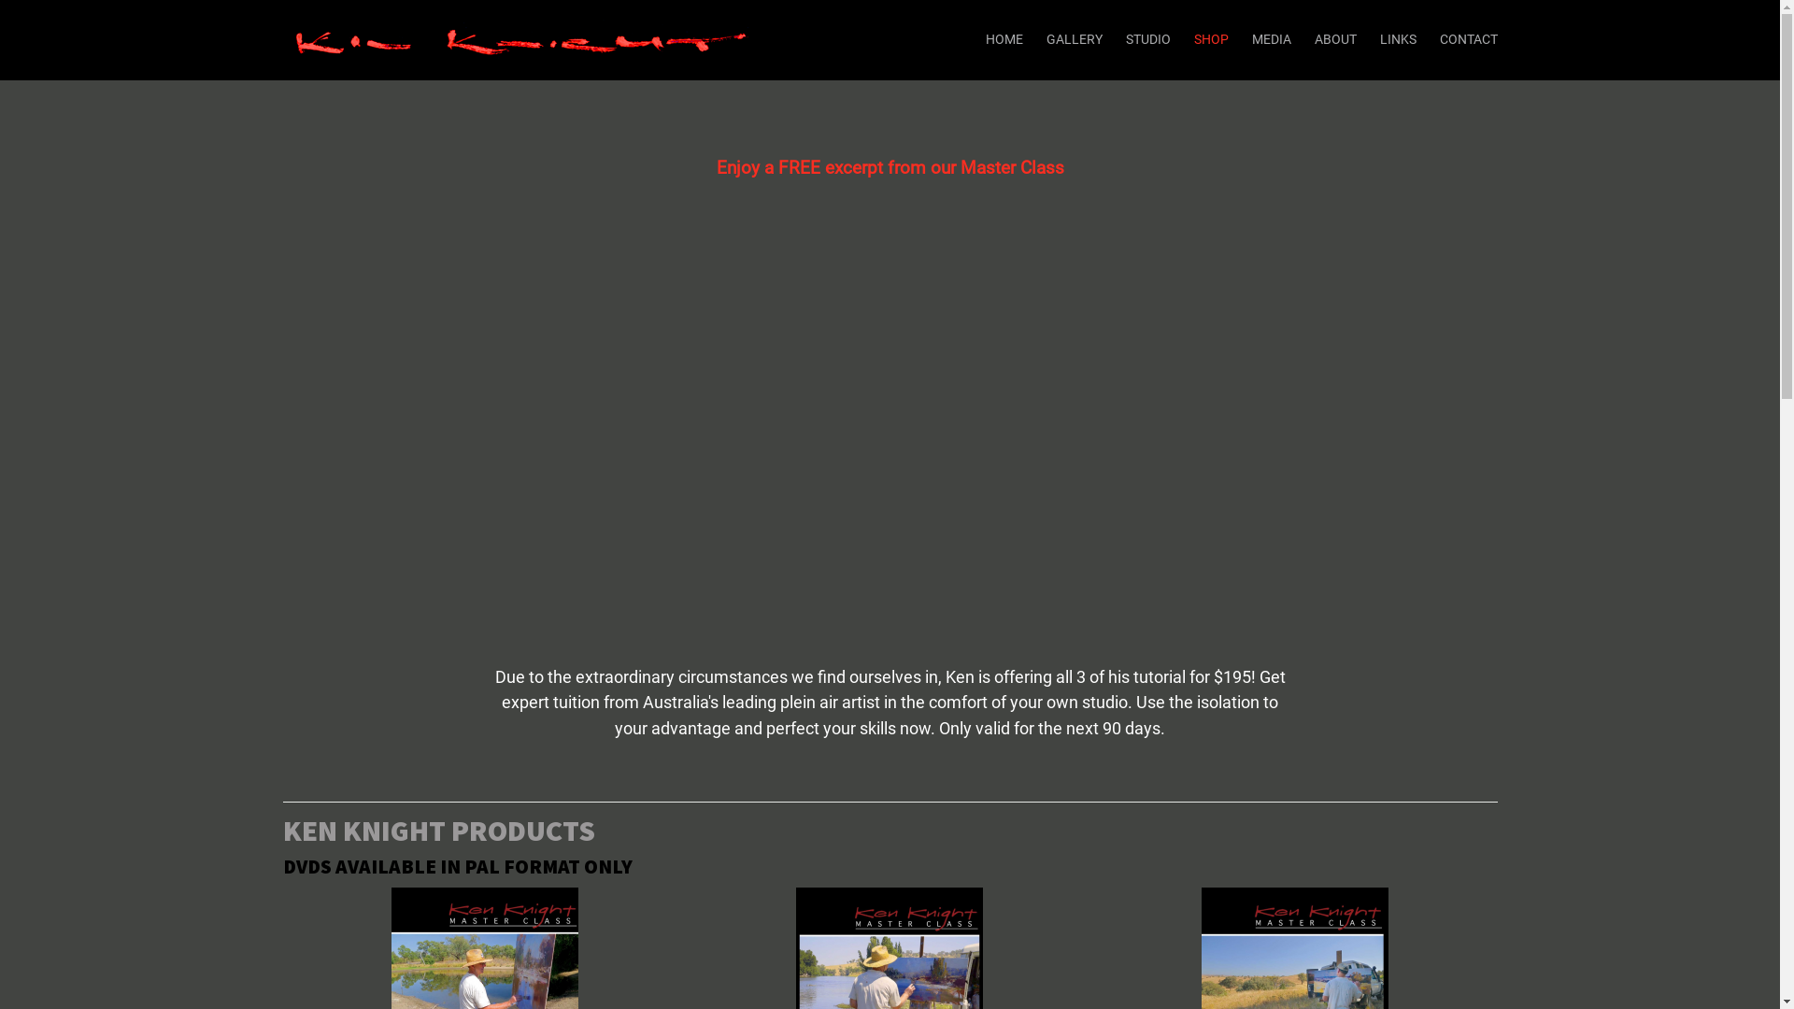 The height and width of the screenshot is (1009, 1794). What do you see at coordinates (1397, 39) in the screenshot?
I see `'LINKS'` at bounding box center [1397, 39].